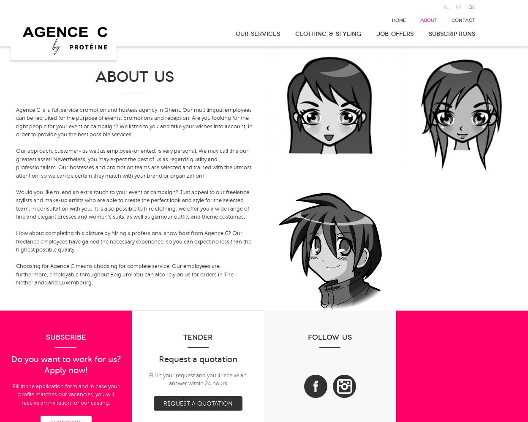 The image size is (528, 422). What do you see at coordinates (298, 214) in the screenshot?
I see `'External event consultant'` at bounding box center [298, 214].